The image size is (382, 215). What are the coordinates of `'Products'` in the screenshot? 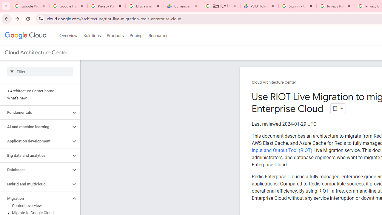 It's located at (115, 36).